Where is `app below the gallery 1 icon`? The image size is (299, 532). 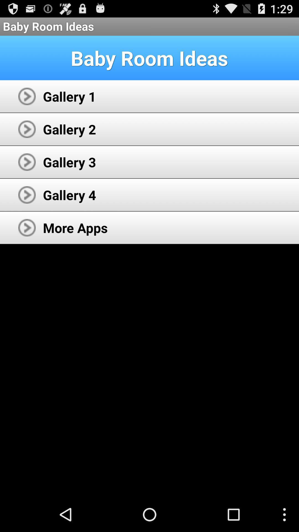 app below the gallery 1 icon is located at coordinates (69, 129).